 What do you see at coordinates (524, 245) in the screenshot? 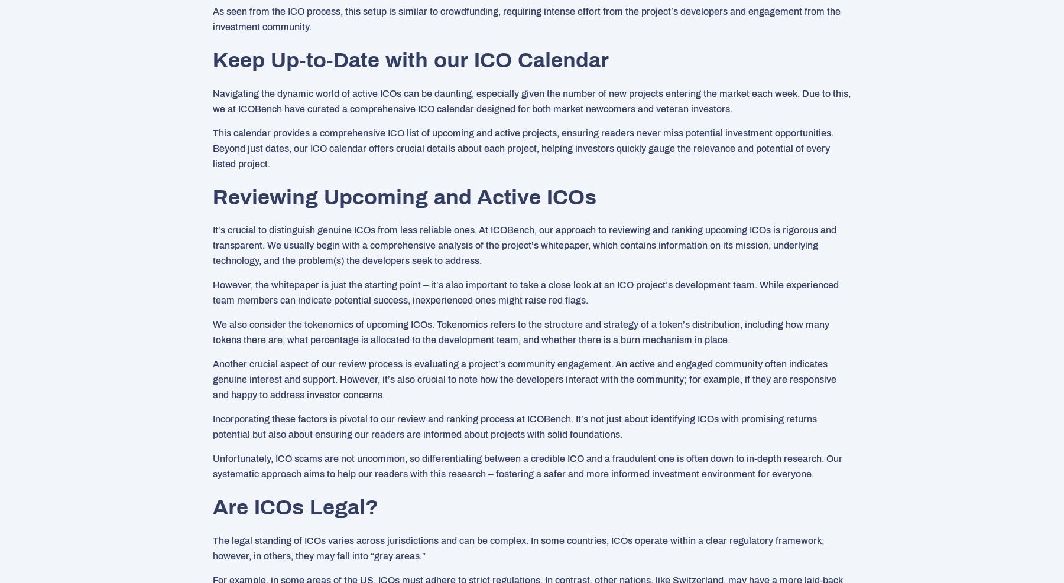
I see `'It’s crucial to distinguish genuine ICOs from less reliable ones. At ICOBench, our approach to reviewing and ranking upcoming ICOs is rigorous and transparent. We usually begin with a comprehensive analysis of the project’s whitepaper, which contains information on its mission, underlying technology, and the problem(s) the developers seek to address.'` at bounding box center [524, 245].